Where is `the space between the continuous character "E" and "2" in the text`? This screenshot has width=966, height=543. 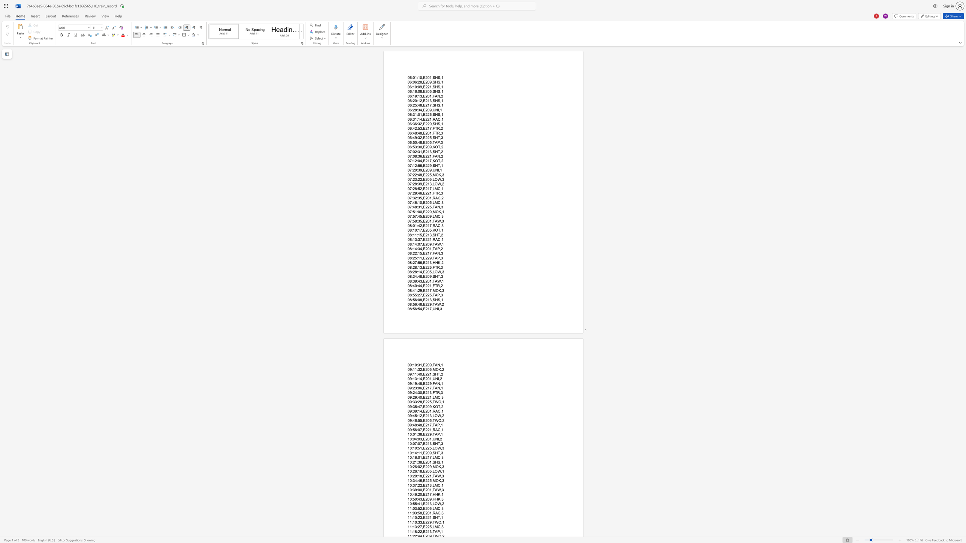 the space between the continuous character "E" and "2" in the text is located at coordinates (425, 184).